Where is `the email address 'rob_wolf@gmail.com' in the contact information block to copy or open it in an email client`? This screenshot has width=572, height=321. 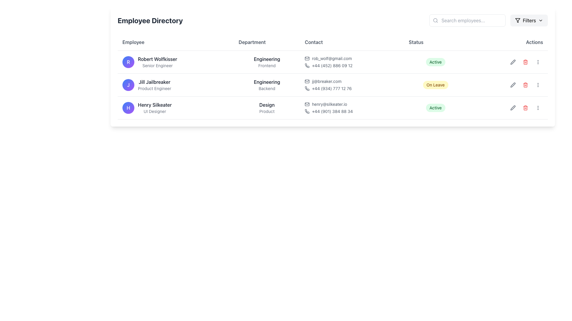 the email address 'rob_wolf@gmail.com' in the contact information block to copy or open it in an email client is located at coordinates (352, 62).